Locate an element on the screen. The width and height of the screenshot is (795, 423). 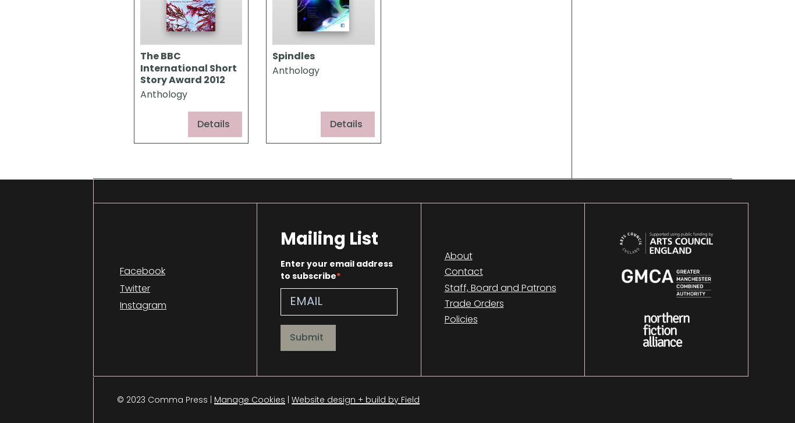
'Website design + build by Field' is located at coordinates (355, 399).